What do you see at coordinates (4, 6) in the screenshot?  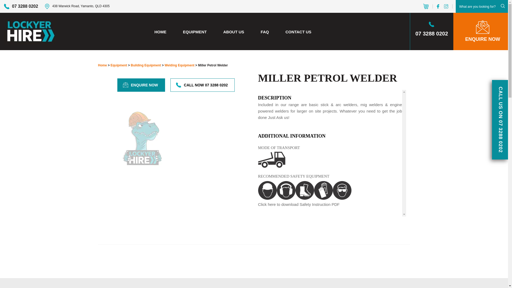 I see `'07 3288 0202'` at bounding box center [4, 6].